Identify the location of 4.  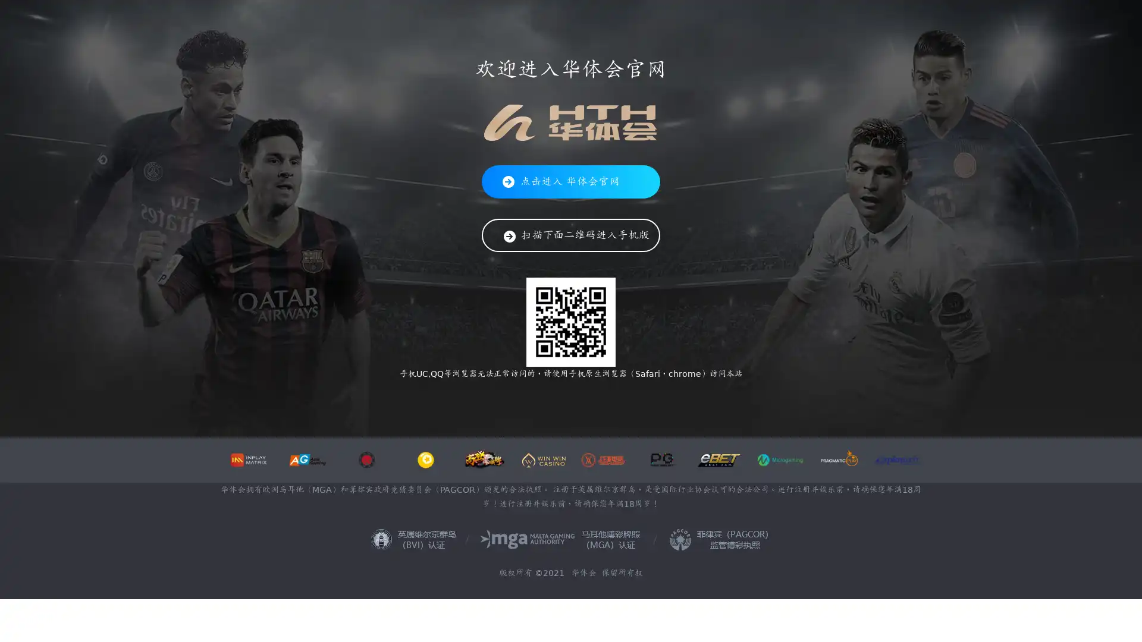
(486, 396).